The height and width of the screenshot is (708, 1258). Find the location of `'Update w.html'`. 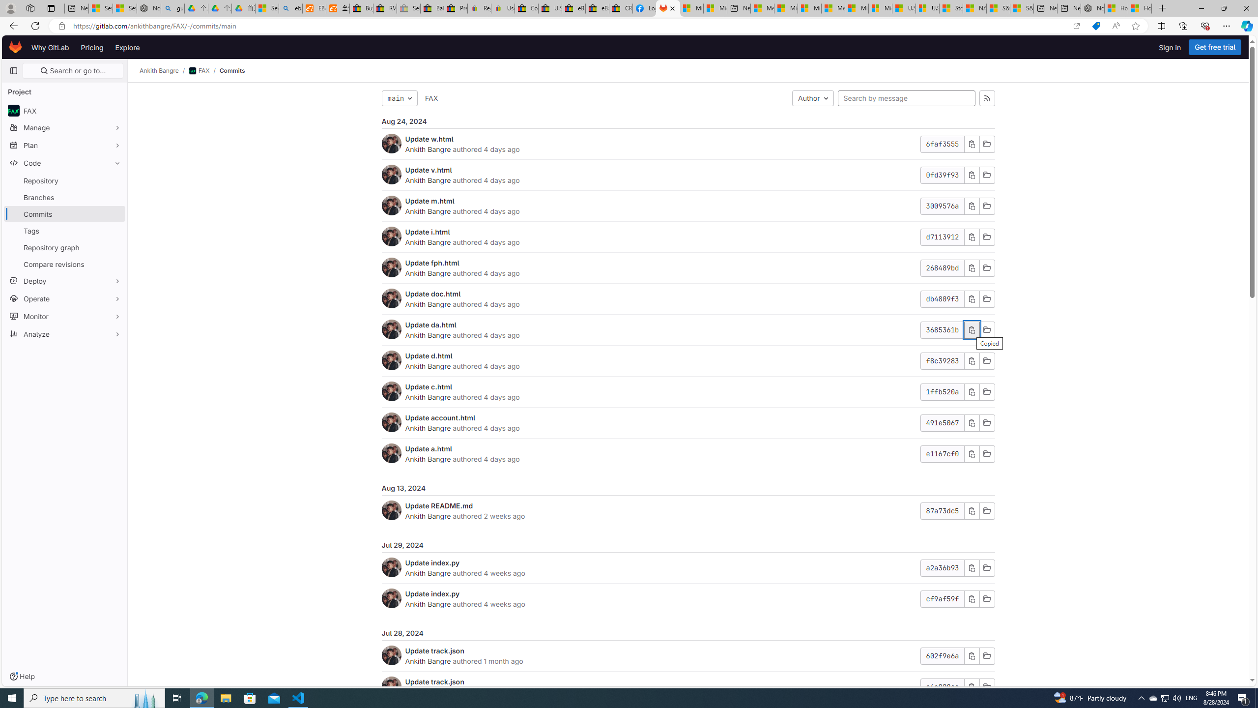

'Update w.html' is located at coordinates (429, 139).